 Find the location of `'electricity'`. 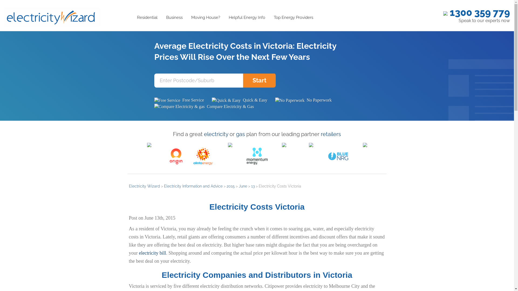

'electricity' is located at coordinates (203, 134).